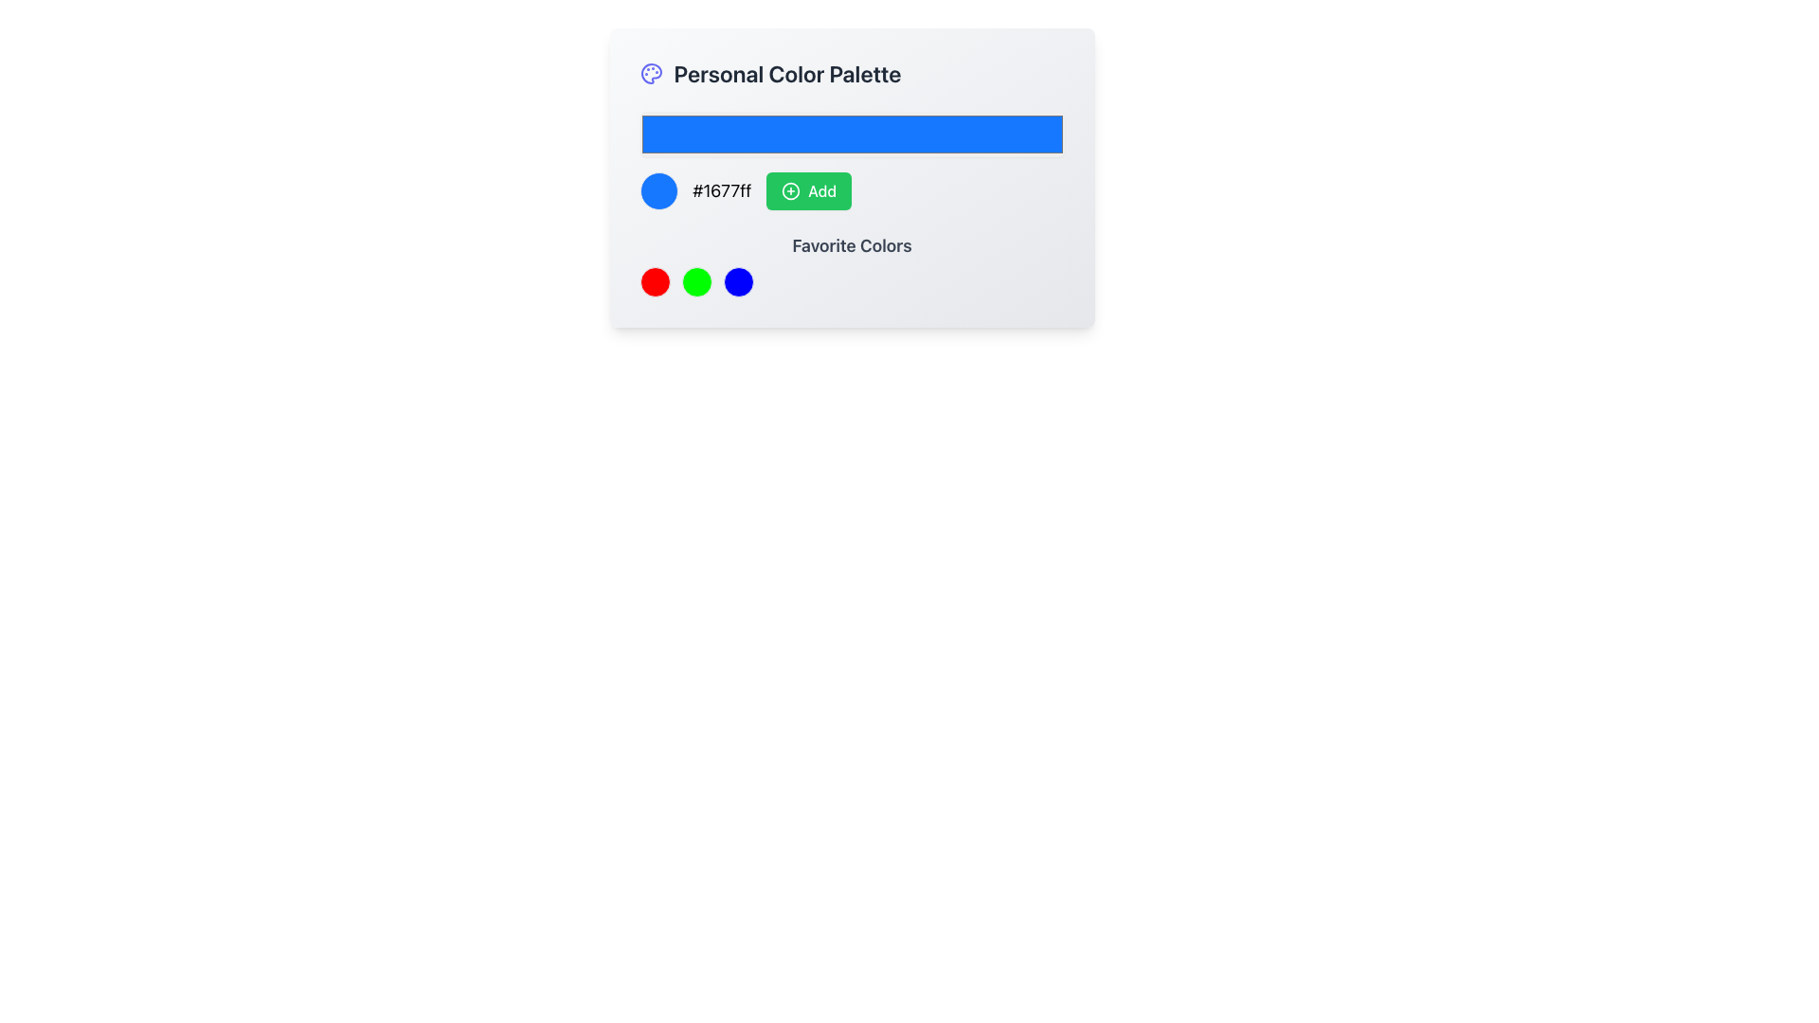 This screenshot has width=1819, height=1023. Describe the element at coordinates (658, 190) in the screenshot. I see `the Clickable Color Indicator, a small circular UI component with a blue background located to the left of the hexadecimal color code '#1677ff' on the 'Personal Color Palette' panel` at that location.